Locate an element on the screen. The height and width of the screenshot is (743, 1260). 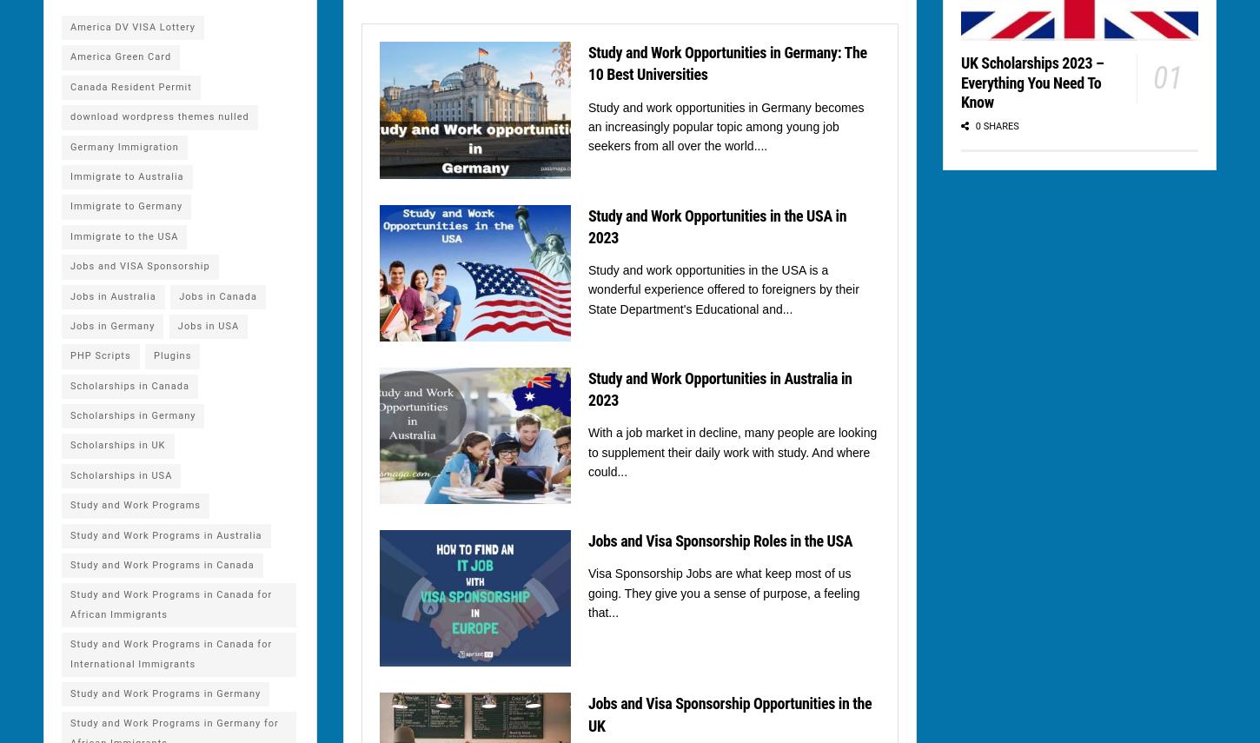
'Scholarships in USA' is located at coordinates (70, 474).